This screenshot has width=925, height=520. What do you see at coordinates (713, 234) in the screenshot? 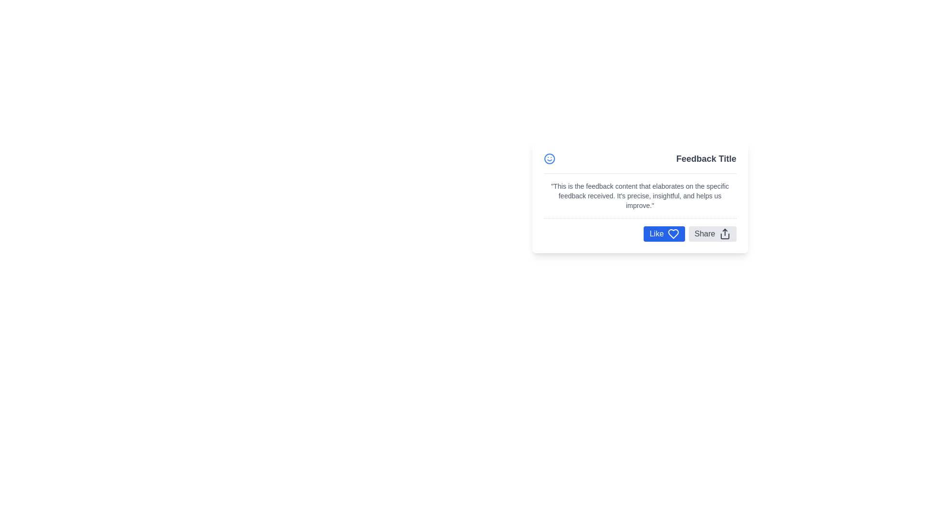
I see `the 'Share' button with gray text and an upward arrow icon located in the bottom right section of a card-like component` at bounding box center [713, 234].